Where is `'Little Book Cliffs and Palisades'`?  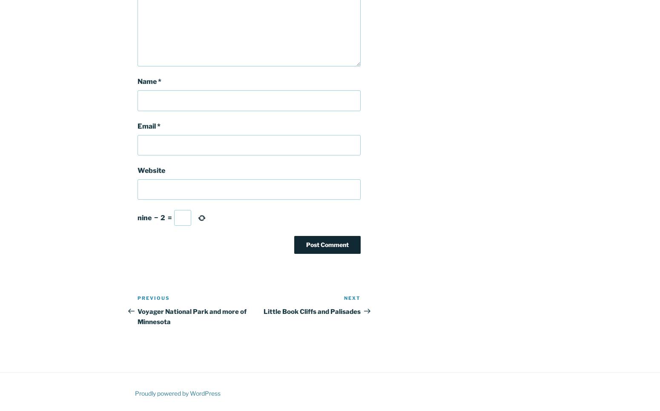 'Little Book Cliffs and Palisades' is located at coordinates (264, 311).